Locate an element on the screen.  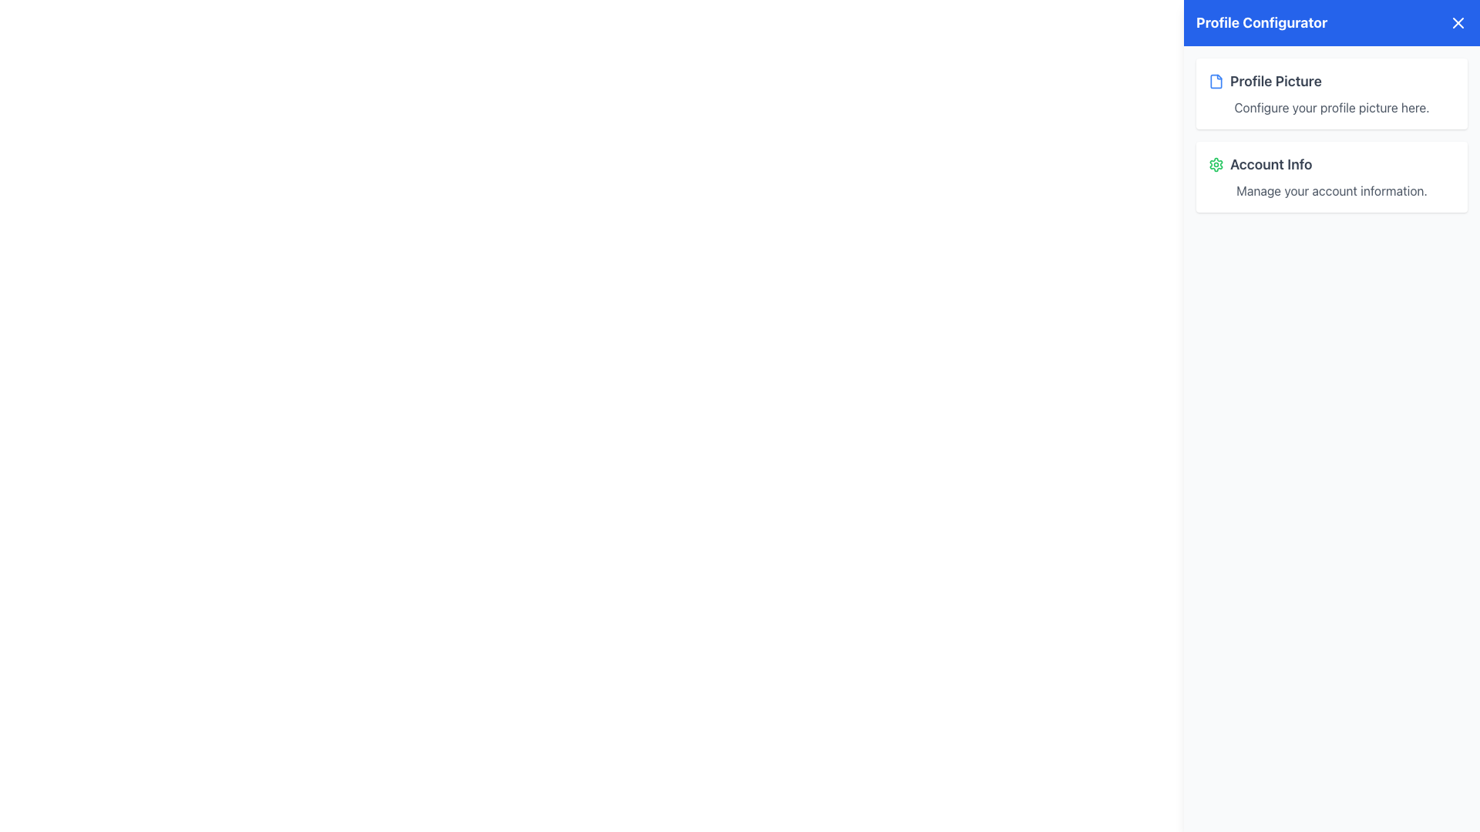
text label indicating the current section for configuring the profile, located at the top-left corner of the blue header bar in the side panel is located at coordinates (1262, 23).